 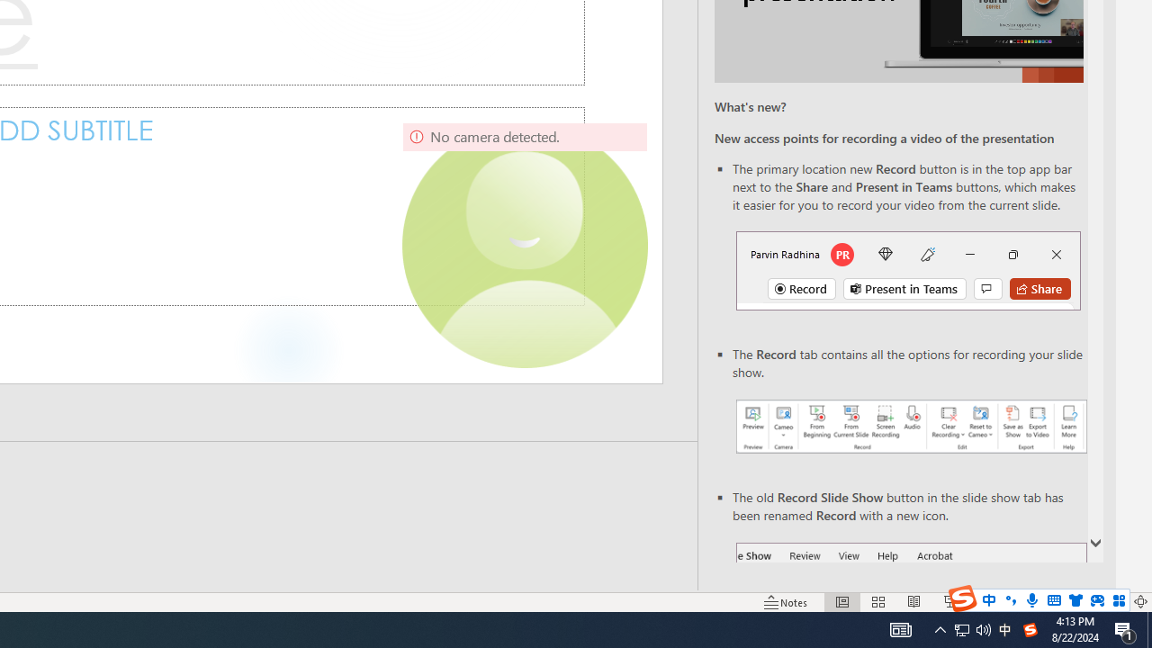 I want to click on 'Zoom In', so click(x=1083, y=602).